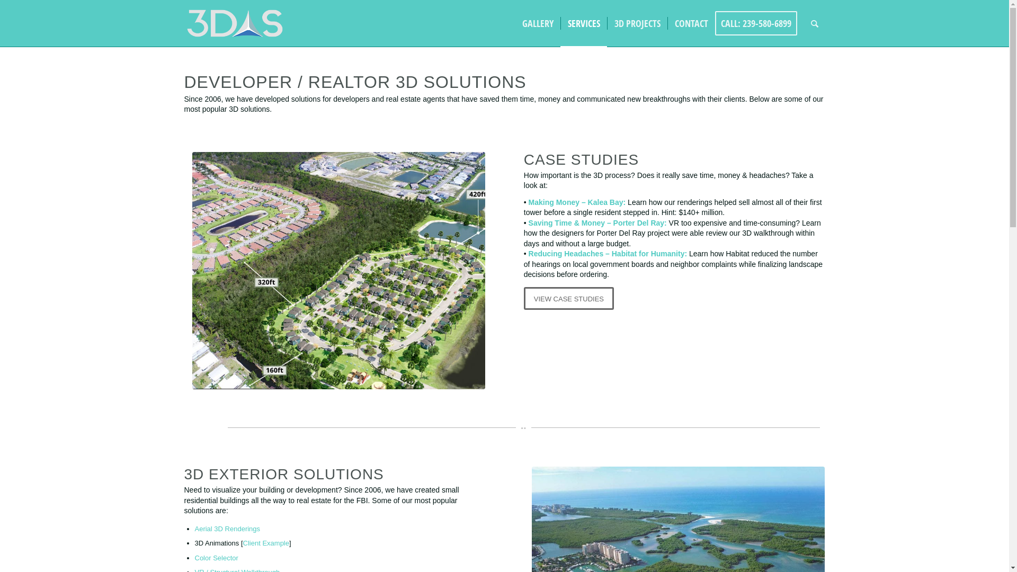  What do you see at coordinates (235, 23) in the screenshot?
I see `'3DAS Logo (2nd Version)'` at bounding box center [235, 23].